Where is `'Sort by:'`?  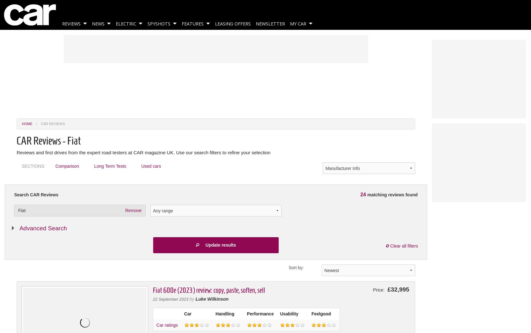
'Sort by:' is located at coordinates (296, 268).